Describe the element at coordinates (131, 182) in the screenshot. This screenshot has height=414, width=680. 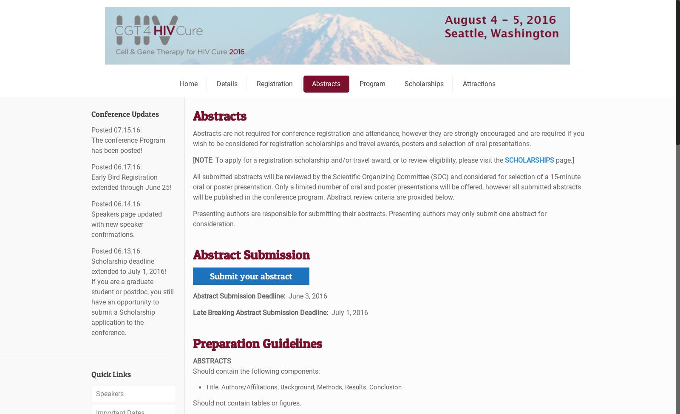
I see `'Early Bird Registration extended through June 25!'` at that location.